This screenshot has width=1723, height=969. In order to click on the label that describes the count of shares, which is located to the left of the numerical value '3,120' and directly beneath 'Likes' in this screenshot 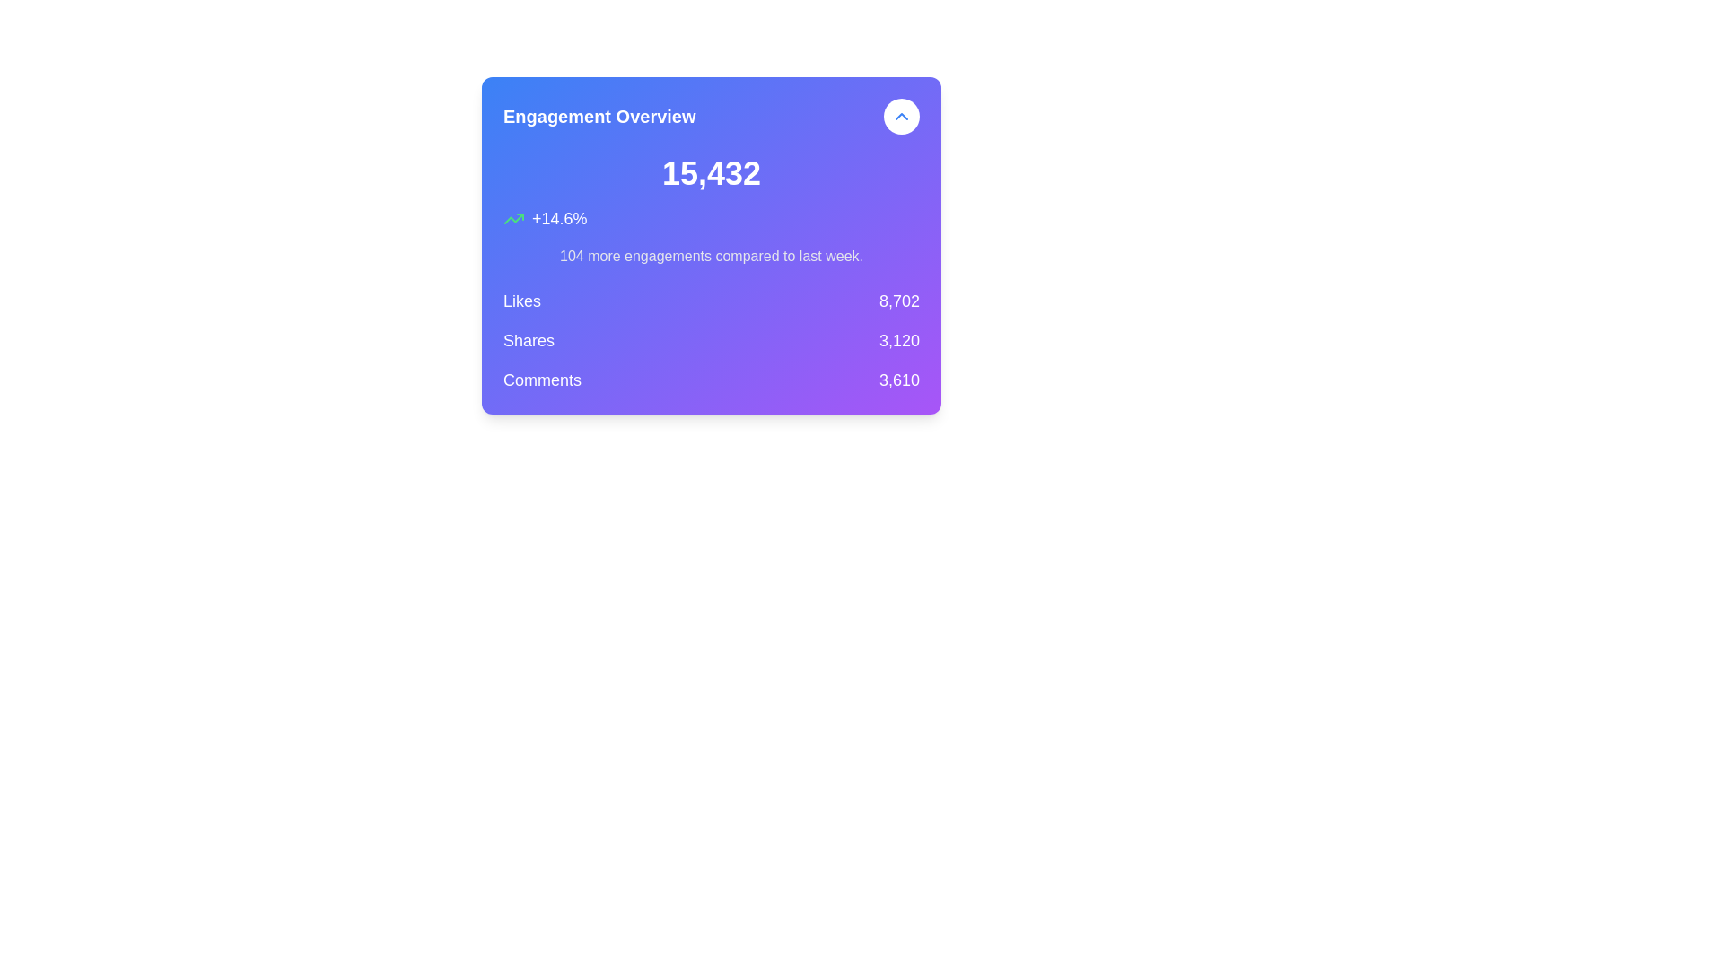, I will do `click(528, 341)`.